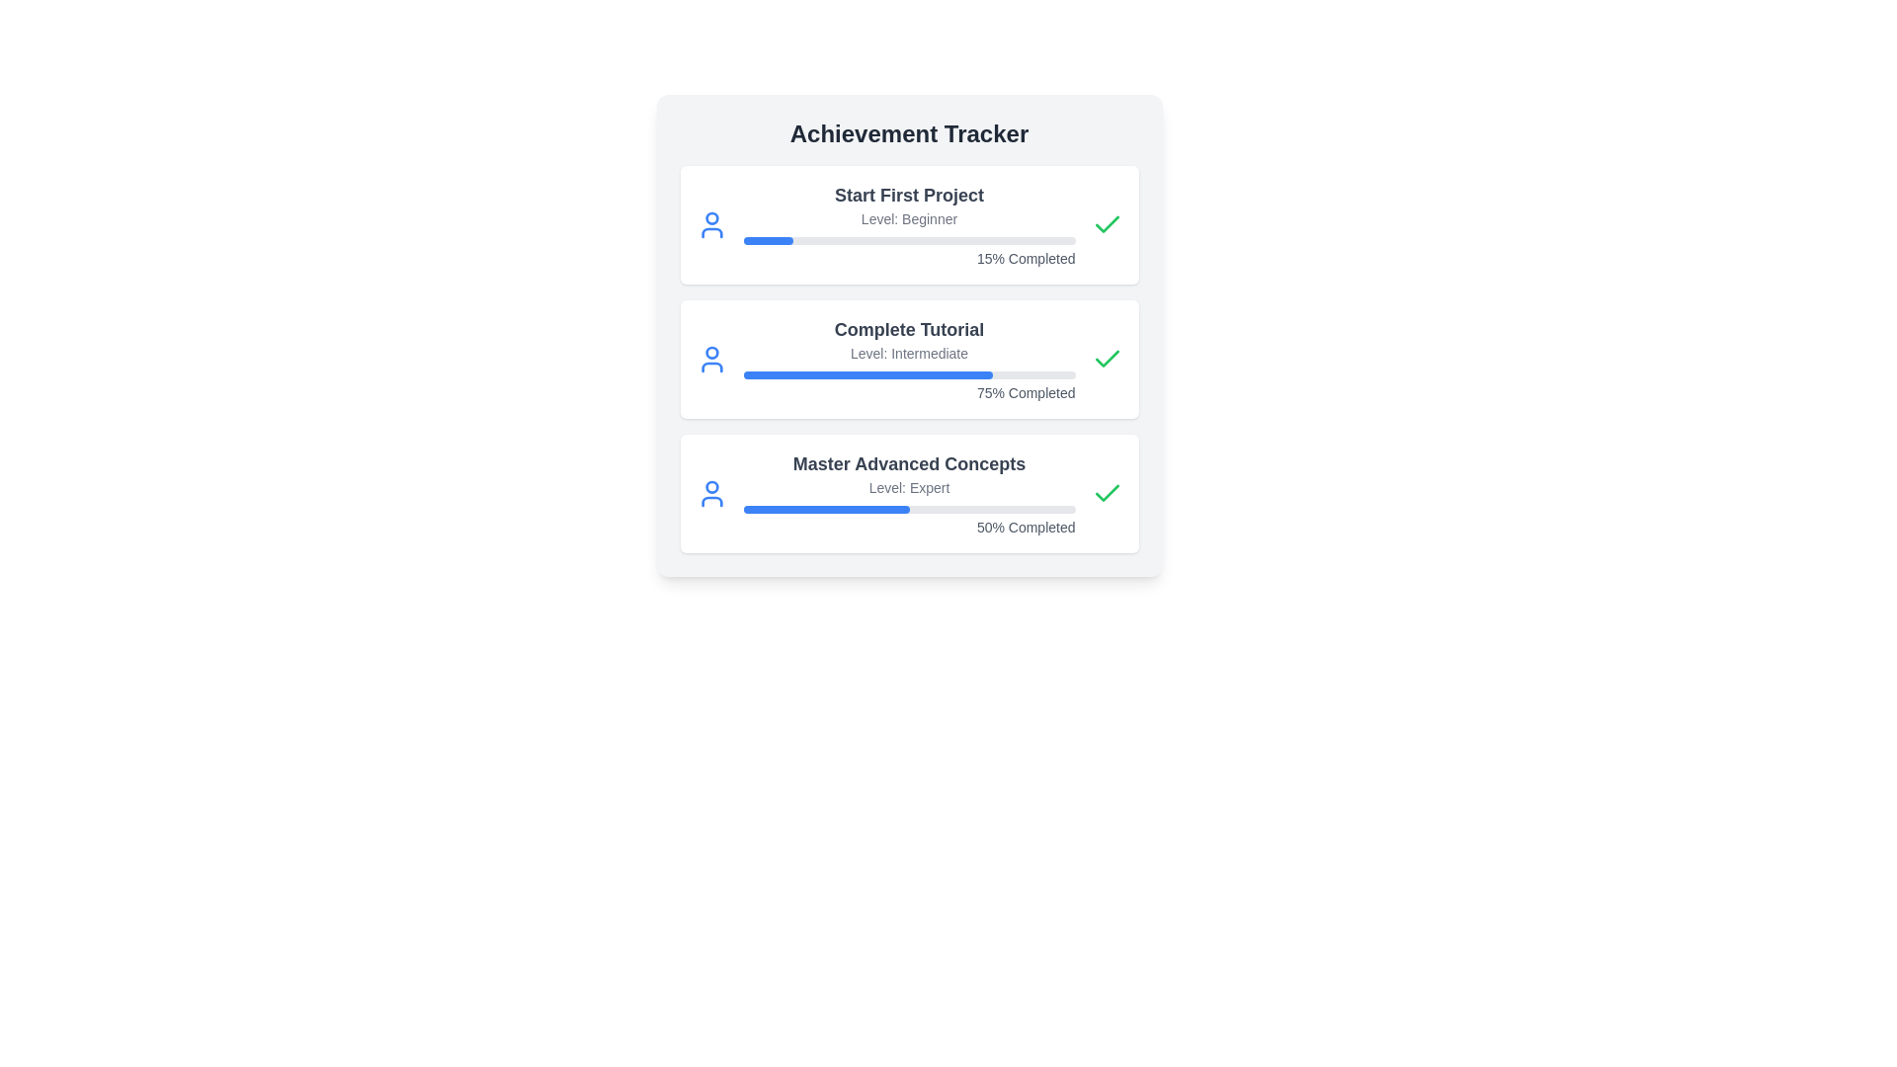 The height and width of the screenshot is (1067, 1897). Describe the element at coordinates (908, 353) in the screenshot. I see `the text element that reads 'Level: Intermediate', which is styled in gray and located below the 'Complete Tutorial' heading in the achievement tracker interface` at that location.